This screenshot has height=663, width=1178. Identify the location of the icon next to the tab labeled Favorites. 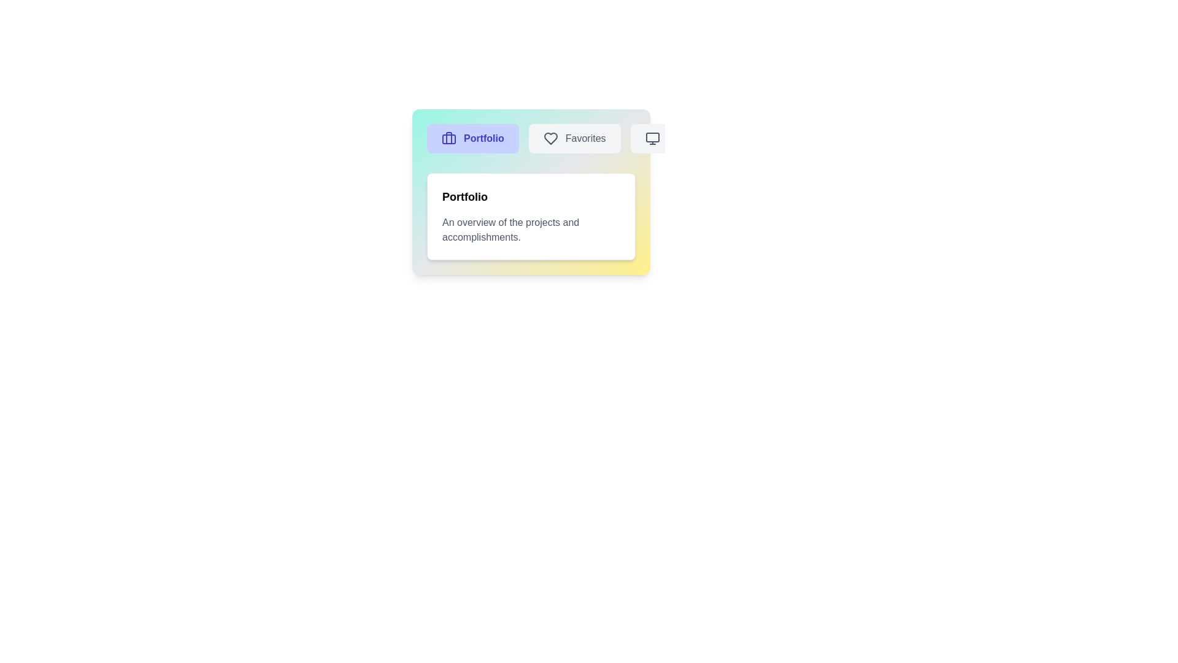
(550, 138).